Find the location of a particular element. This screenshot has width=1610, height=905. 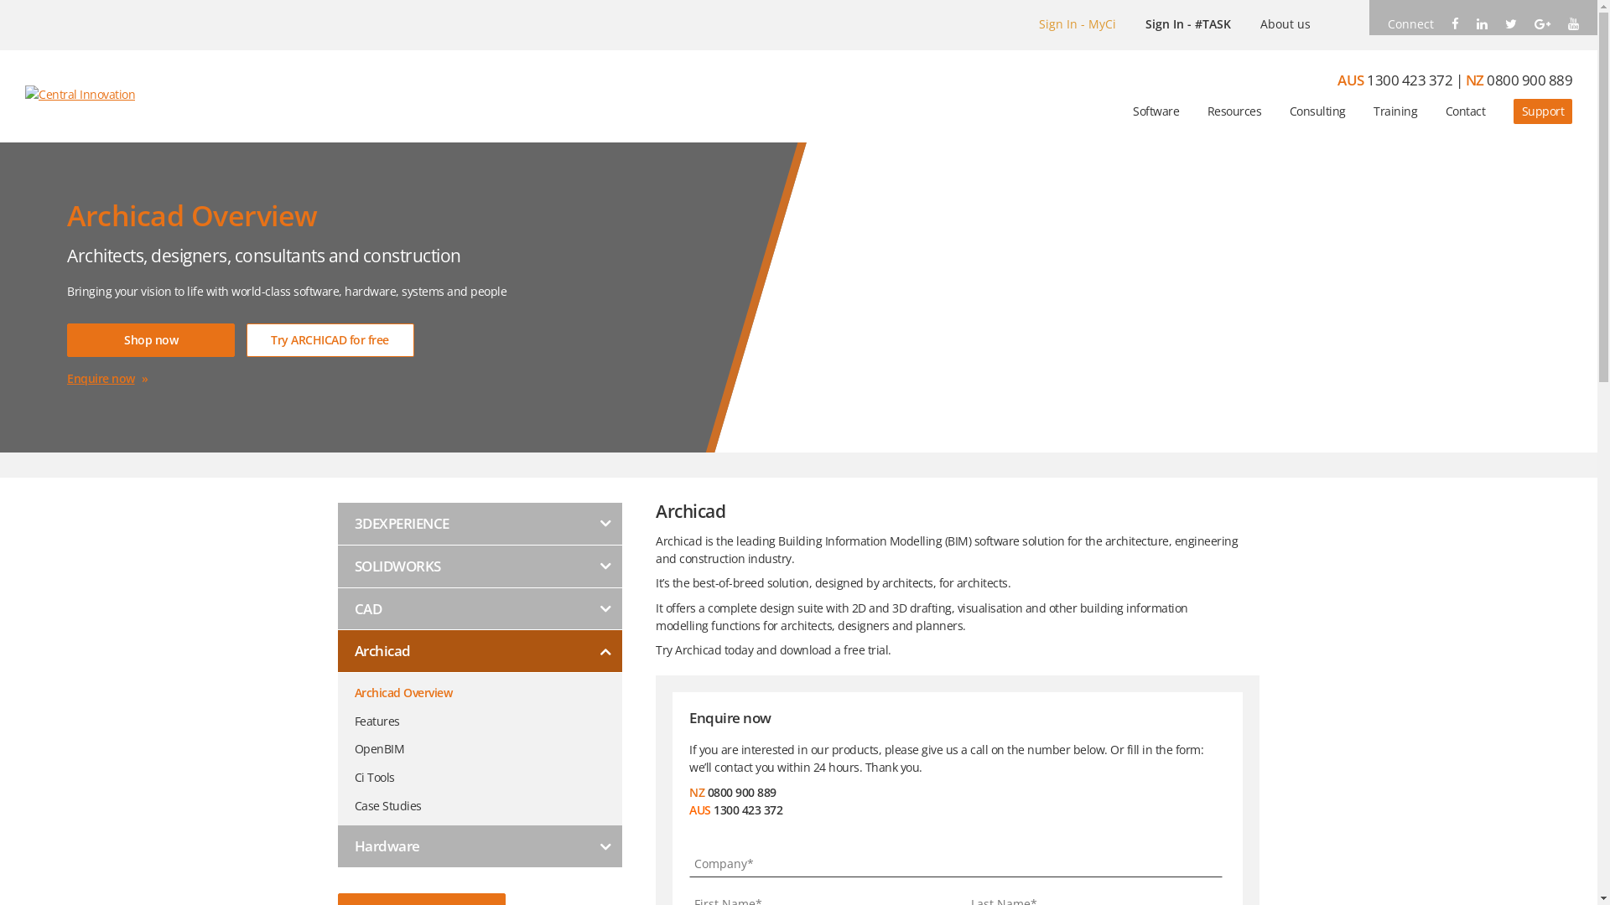

'CAD' is located at coordinates (478, 609).